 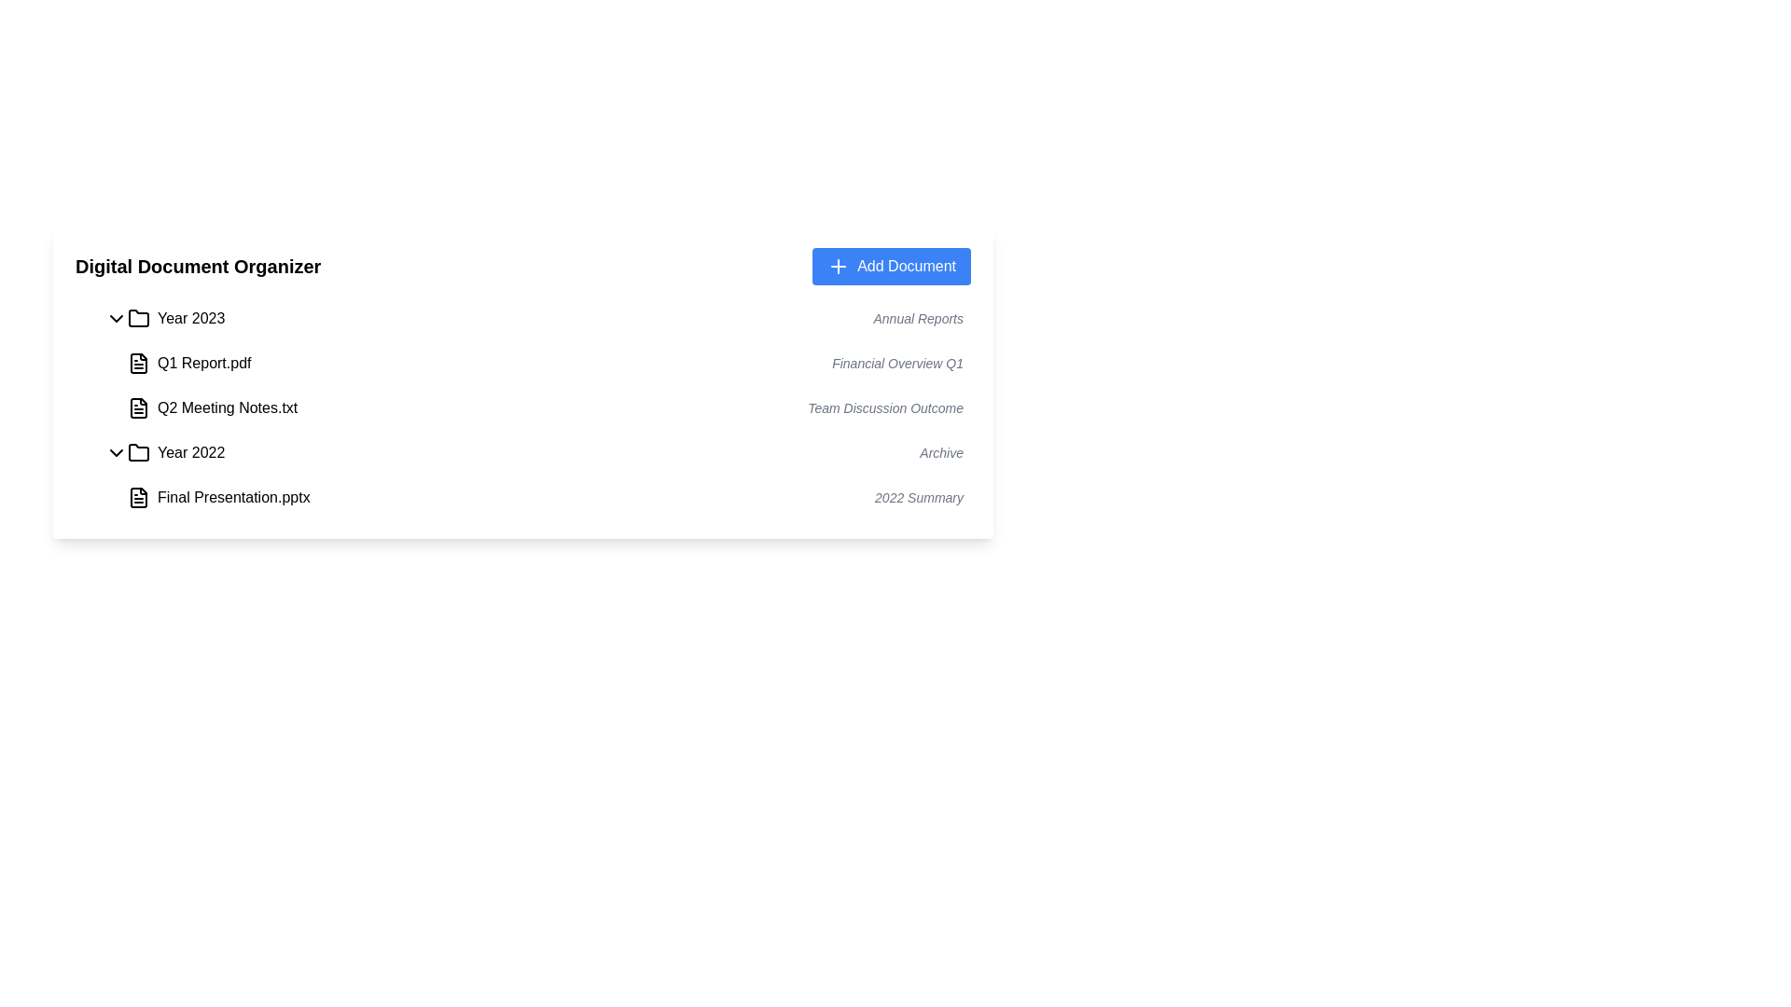 What do you see at coordinates (204, 363) in the screenshot?
I see `the text label displaying 'Q1 Report.pdf', which is positioned beneath the 'Year 2023' folder and above 'Q2 Meeting Notes.txt', and aligned to the right of a document icon` at bounding box center [204, 363].